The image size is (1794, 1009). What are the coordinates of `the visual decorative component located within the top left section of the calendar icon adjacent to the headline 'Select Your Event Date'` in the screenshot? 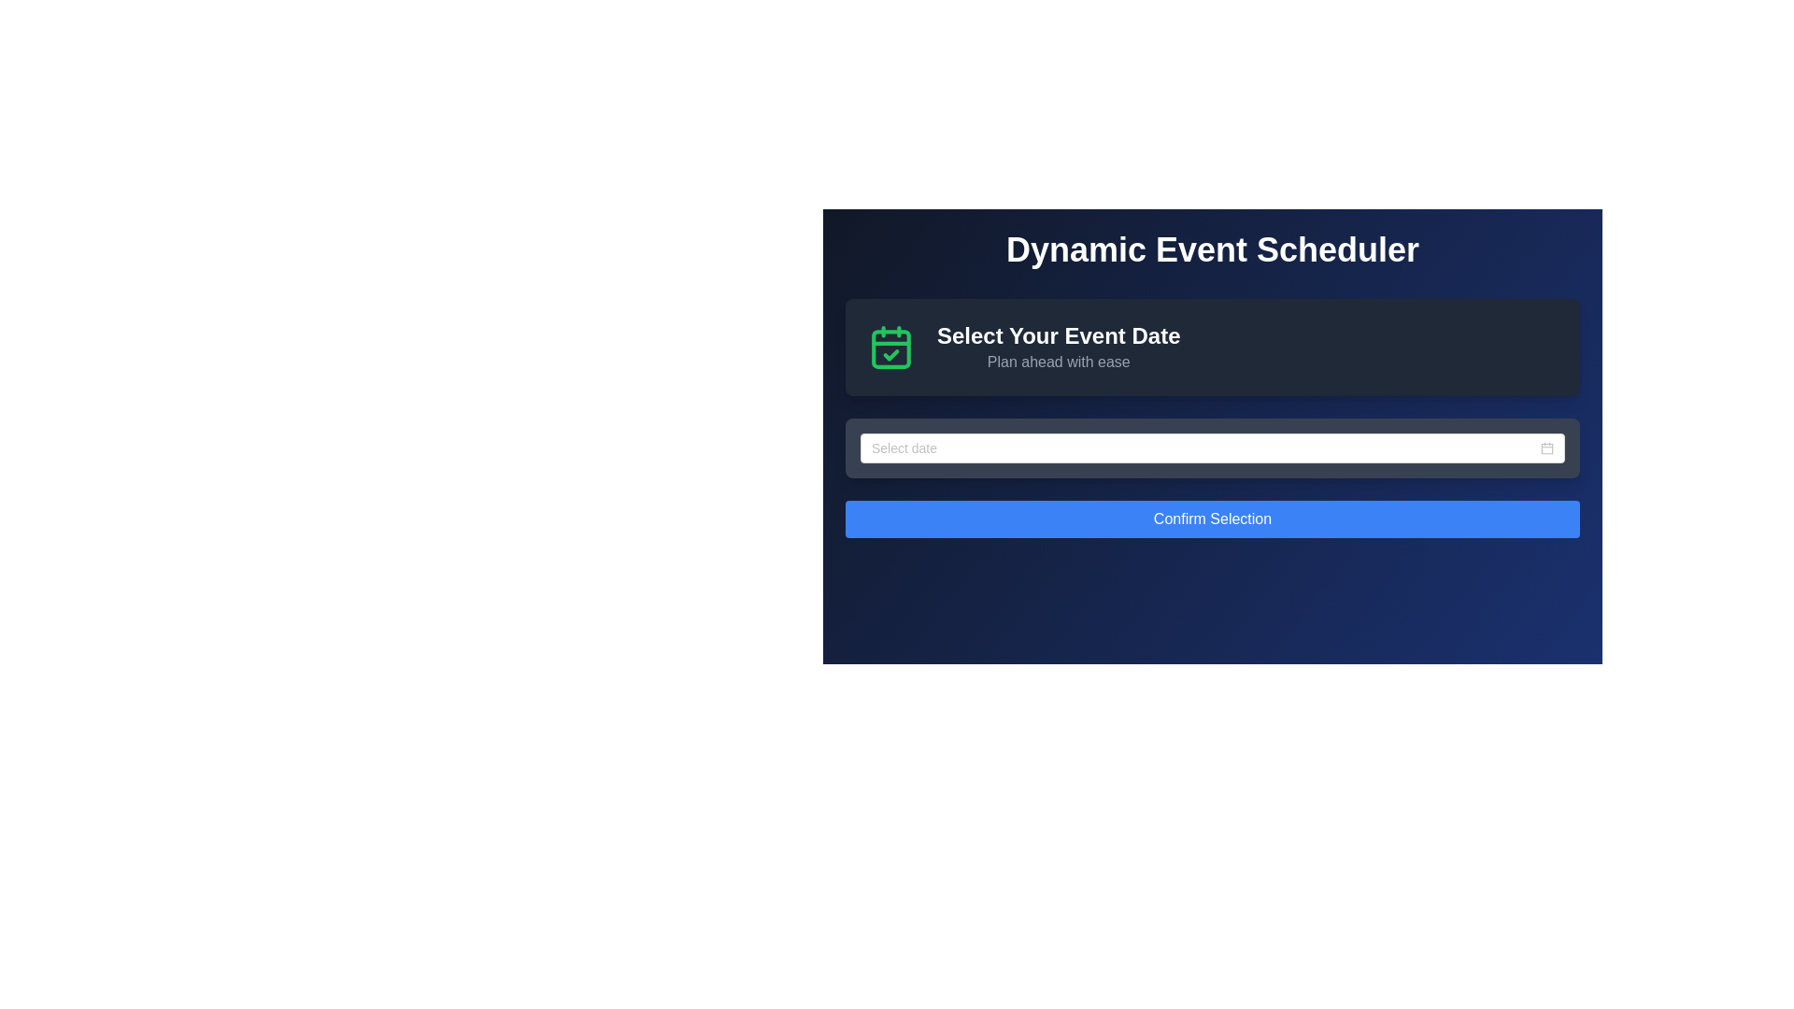 It's located at (890, 349).